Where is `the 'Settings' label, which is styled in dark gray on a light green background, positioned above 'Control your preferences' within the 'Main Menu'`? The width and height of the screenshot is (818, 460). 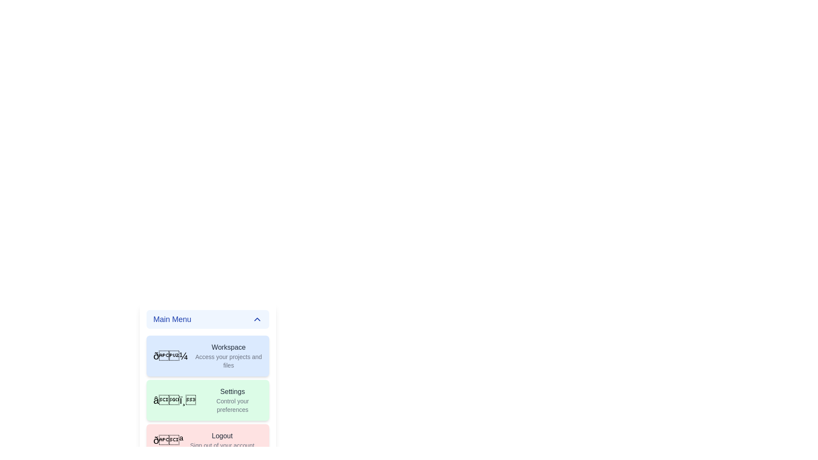 the 'Settings' label, which is styled in dark gray on a light green background, positioned above 'Control your preferences' within the 'Main Menu' is located at coordinates (233, 392).